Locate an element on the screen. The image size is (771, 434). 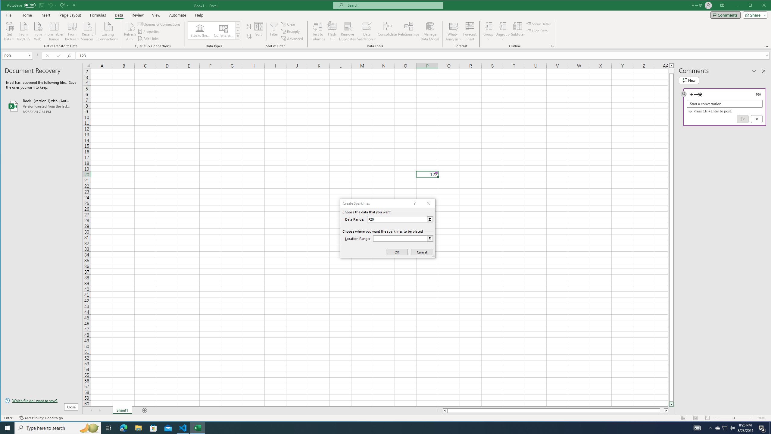
'Page up' is located at coordinates (671, 70).